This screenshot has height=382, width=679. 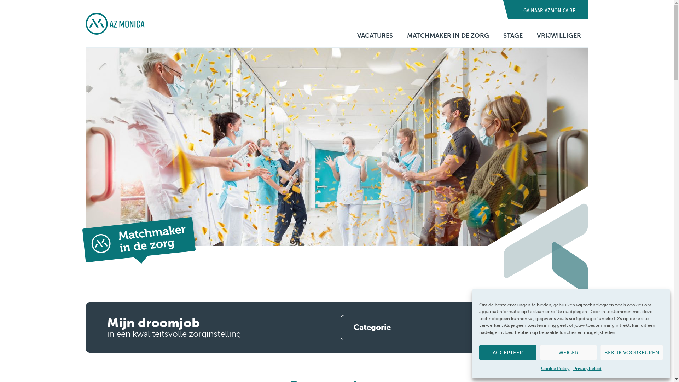 I want to click on 'Cookie Policy', so click(x=555, y=368).